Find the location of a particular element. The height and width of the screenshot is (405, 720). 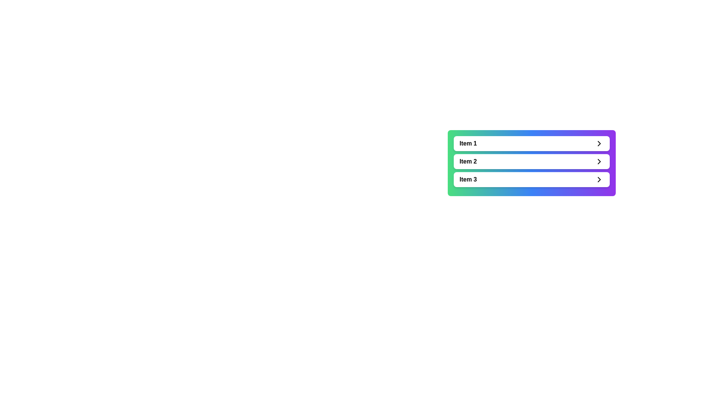

the second list item labeled 'Item 2' in the vibrant card-like structure is located at coordinates (531, 163).